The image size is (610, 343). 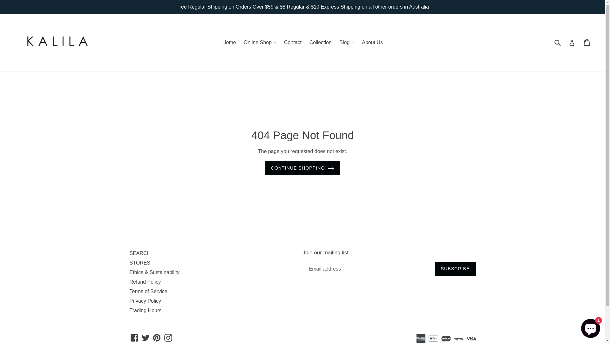 What do you see at coordinates (145, 281) in the screenshot?
I see `'Refund Policy'` at bounding box center [145, 281].